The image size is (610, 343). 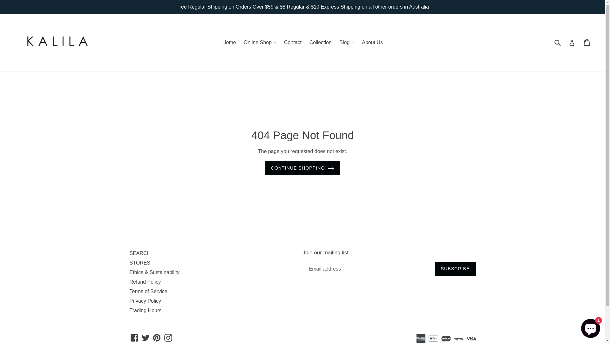 What do you see at coordinates (145, 281) in the screenshot?
I see `'Refund Policy'` at bounding box center [145, 281].